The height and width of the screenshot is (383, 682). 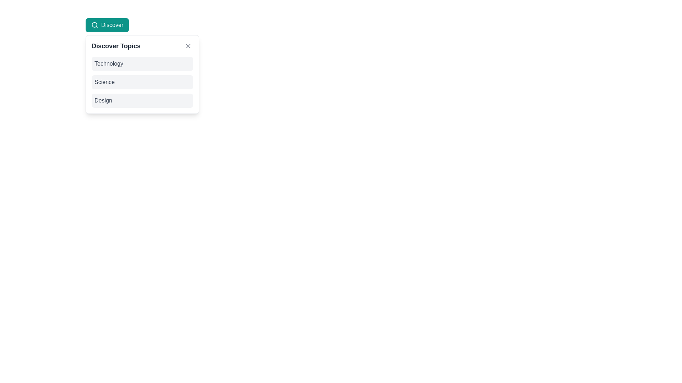 I want to click on the 'Design' label located within the 'Discover Topics' panel, situated between 'Science' and the bottom margin, so click(x=103, y=101).